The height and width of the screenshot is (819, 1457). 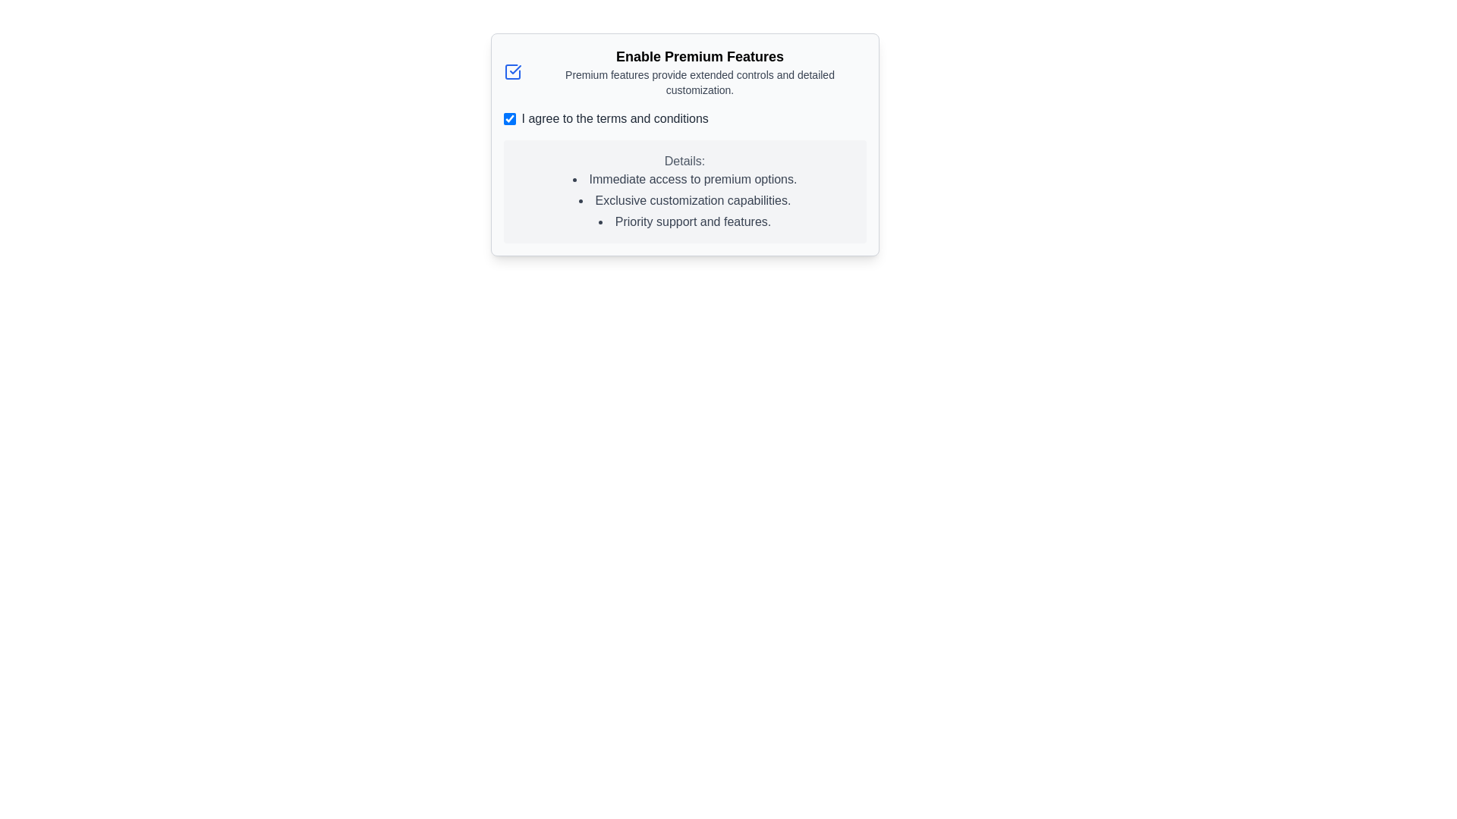 What do you see at coordinates (684, 178) in the screenshot?
I see `text element that displays 'Immediate access to premium options.' which is the first item in a bulleted list under the 'Details:' heading` at bounding box center [684, 178].